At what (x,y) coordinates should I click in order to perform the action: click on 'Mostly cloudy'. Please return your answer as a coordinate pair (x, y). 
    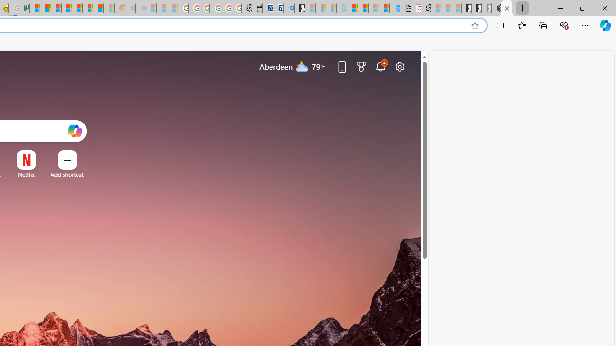
    Looking at the image, I should click on (302, 65).